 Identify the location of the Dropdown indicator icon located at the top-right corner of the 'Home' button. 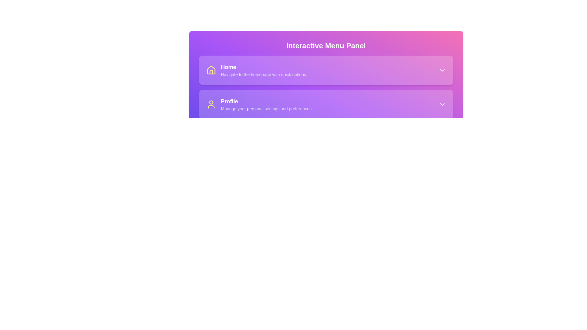
(442, 70).